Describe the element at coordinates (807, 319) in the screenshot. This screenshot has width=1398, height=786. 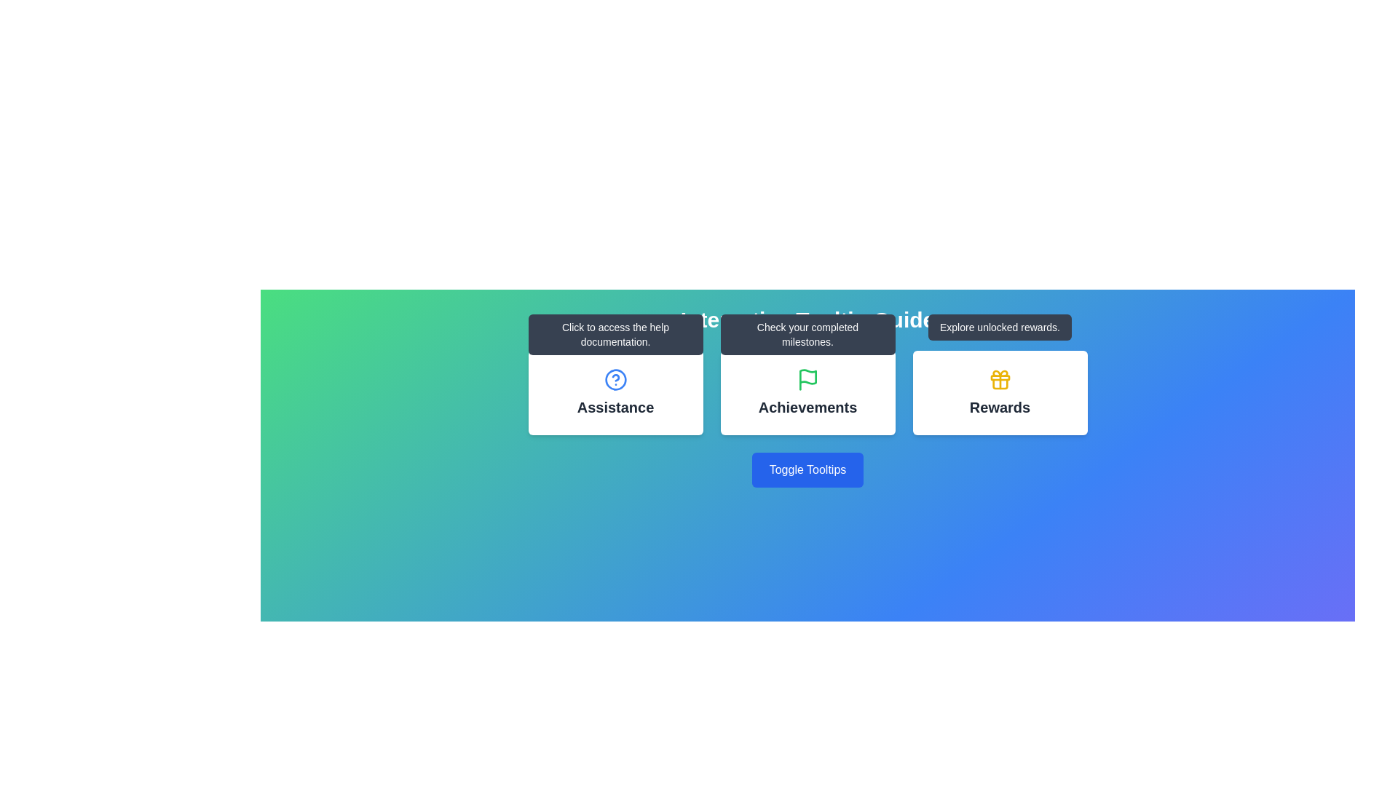
I see `the heading element displaying 'Interactive Tooltip Guide', which is a prominent, large, bold, white font centered at the top of the content layout` at that location.